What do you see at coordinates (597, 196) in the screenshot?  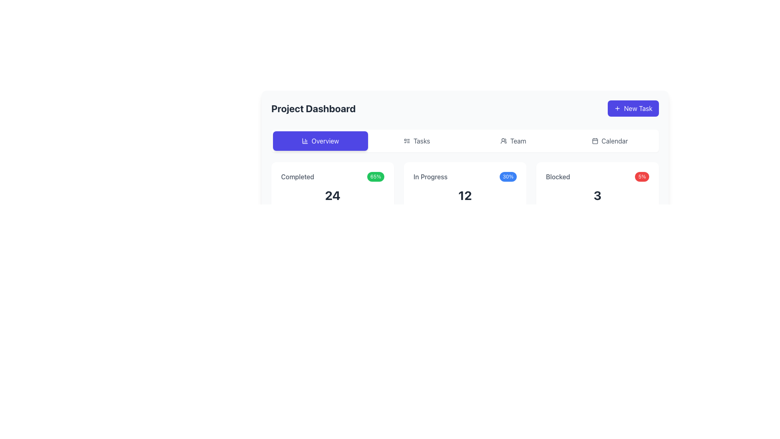 I see `the large, bold numeral '3' displayed in dark gray within the 'Blocked' category card on the Project Dashboard interface` at bounding box center [597, 196].